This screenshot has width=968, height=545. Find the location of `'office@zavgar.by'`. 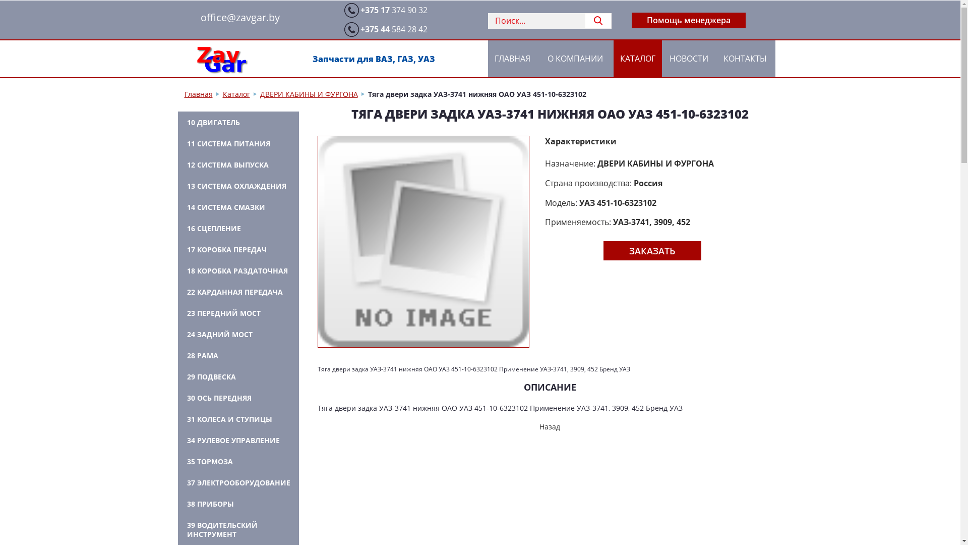

'office@zavgar.by' is located at coordinates (239, 17).